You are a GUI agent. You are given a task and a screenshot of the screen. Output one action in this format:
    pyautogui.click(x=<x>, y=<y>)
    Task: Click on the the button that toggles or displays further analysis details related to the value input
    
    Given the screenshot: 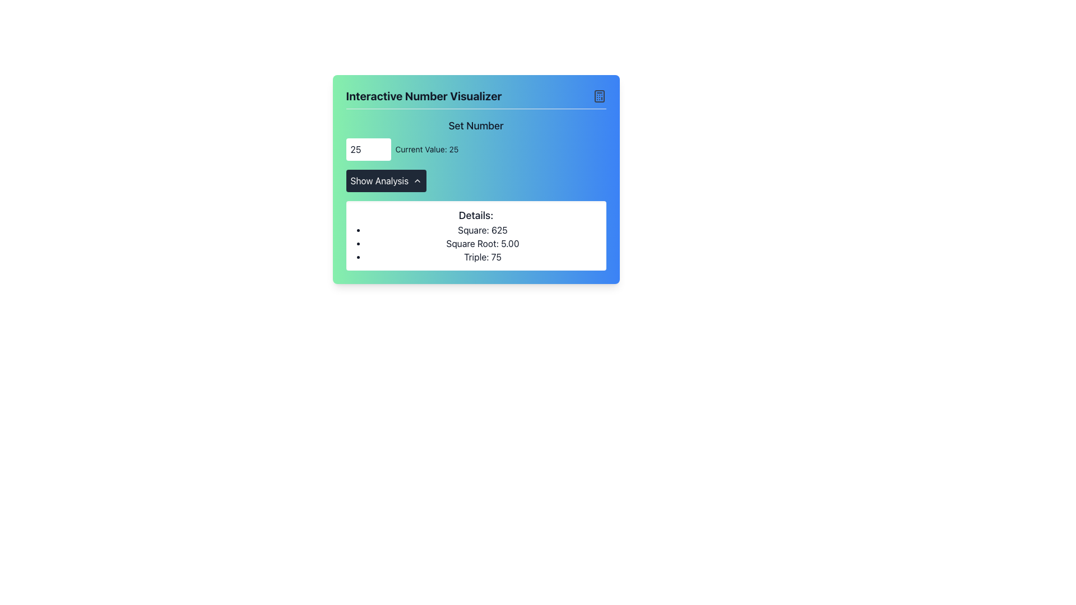 What is the action you would take?
    pyautogui.click(x=386, y=180)
    